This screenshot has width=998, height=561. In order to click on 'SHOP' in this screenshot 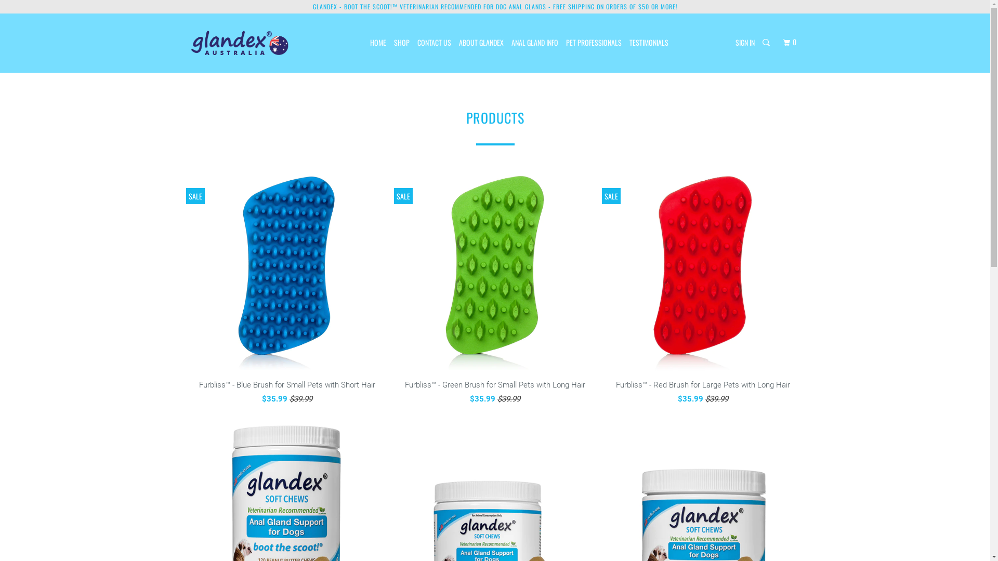, I will do `click(391, 42)`.